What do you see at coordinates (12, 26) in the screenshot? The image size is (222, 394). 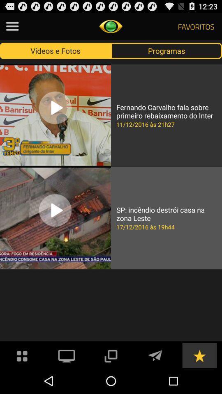 I see `menu item` at bounding box center [12, 26].